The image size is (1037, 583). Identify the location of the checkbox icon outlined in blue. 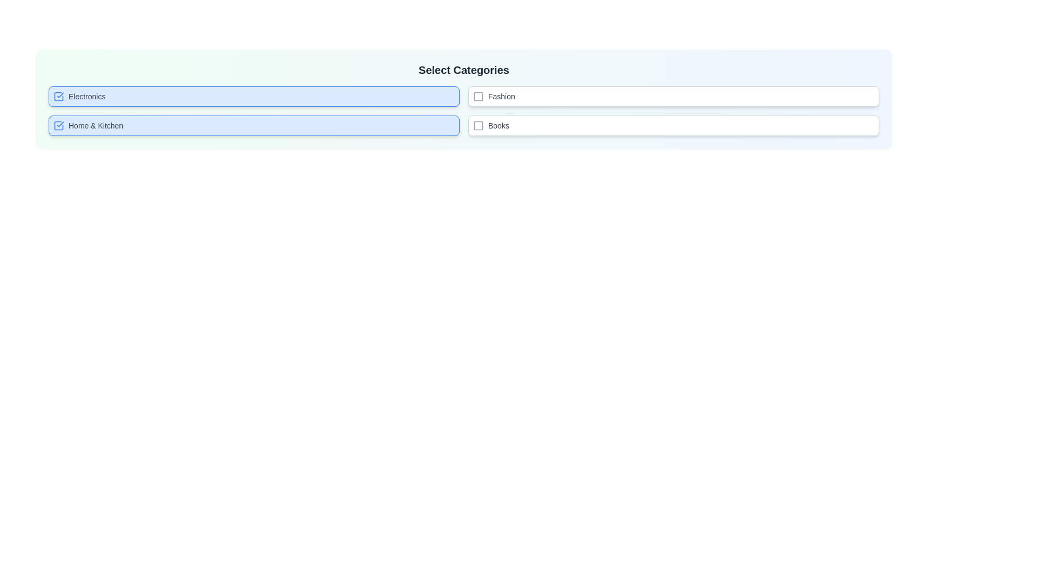
(58, 96).